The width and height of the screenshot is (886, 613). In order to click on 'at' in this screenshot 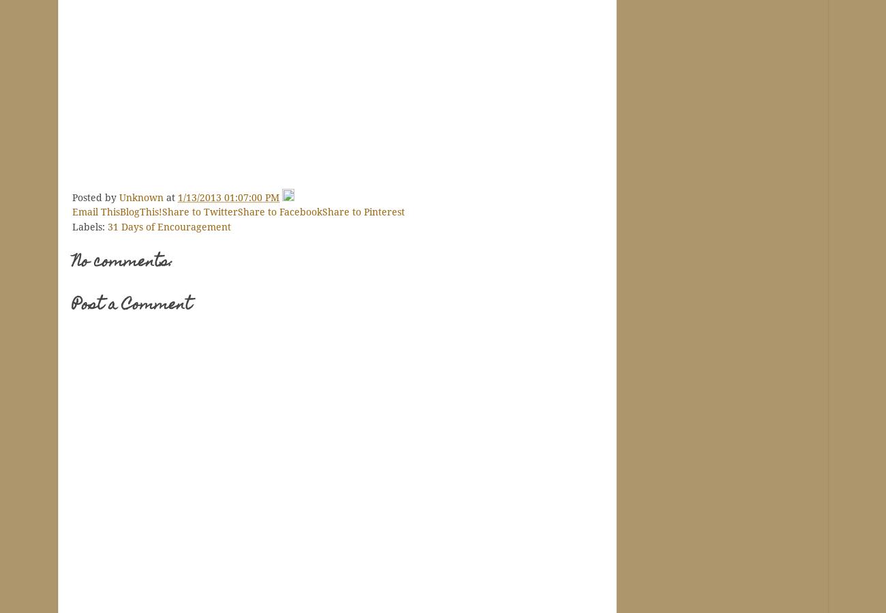, I will do `click(171, 197)`.